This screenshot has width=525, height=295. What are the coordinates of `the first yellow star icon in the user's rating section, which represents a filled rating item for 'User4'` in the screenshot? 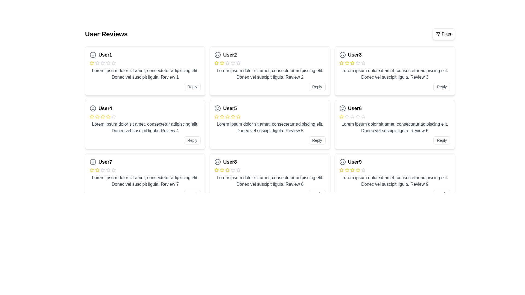 It's located at (92, 116).